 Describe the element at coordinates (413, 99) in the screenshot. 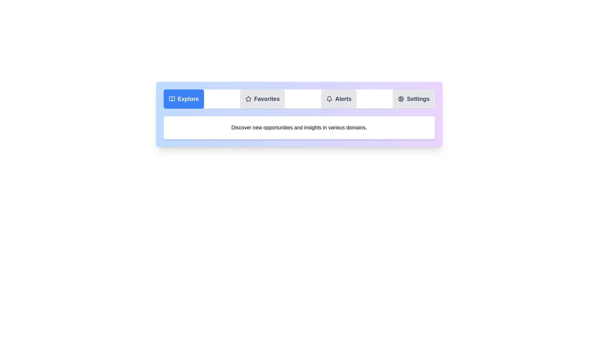

I see `the tab labeled Settings` at that location.